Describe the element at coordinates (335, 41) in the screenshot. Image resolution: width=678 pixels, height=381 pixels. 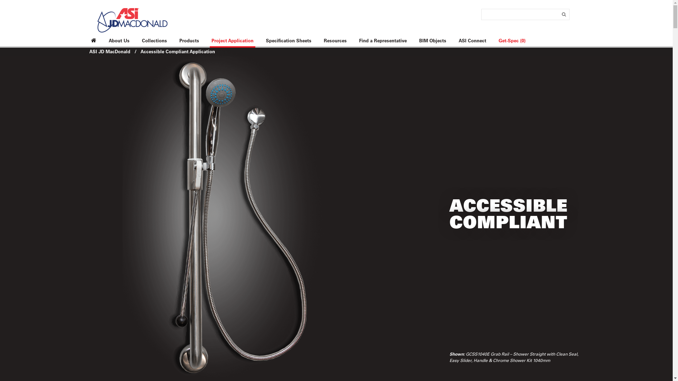
I see `'Resources'` at that location.